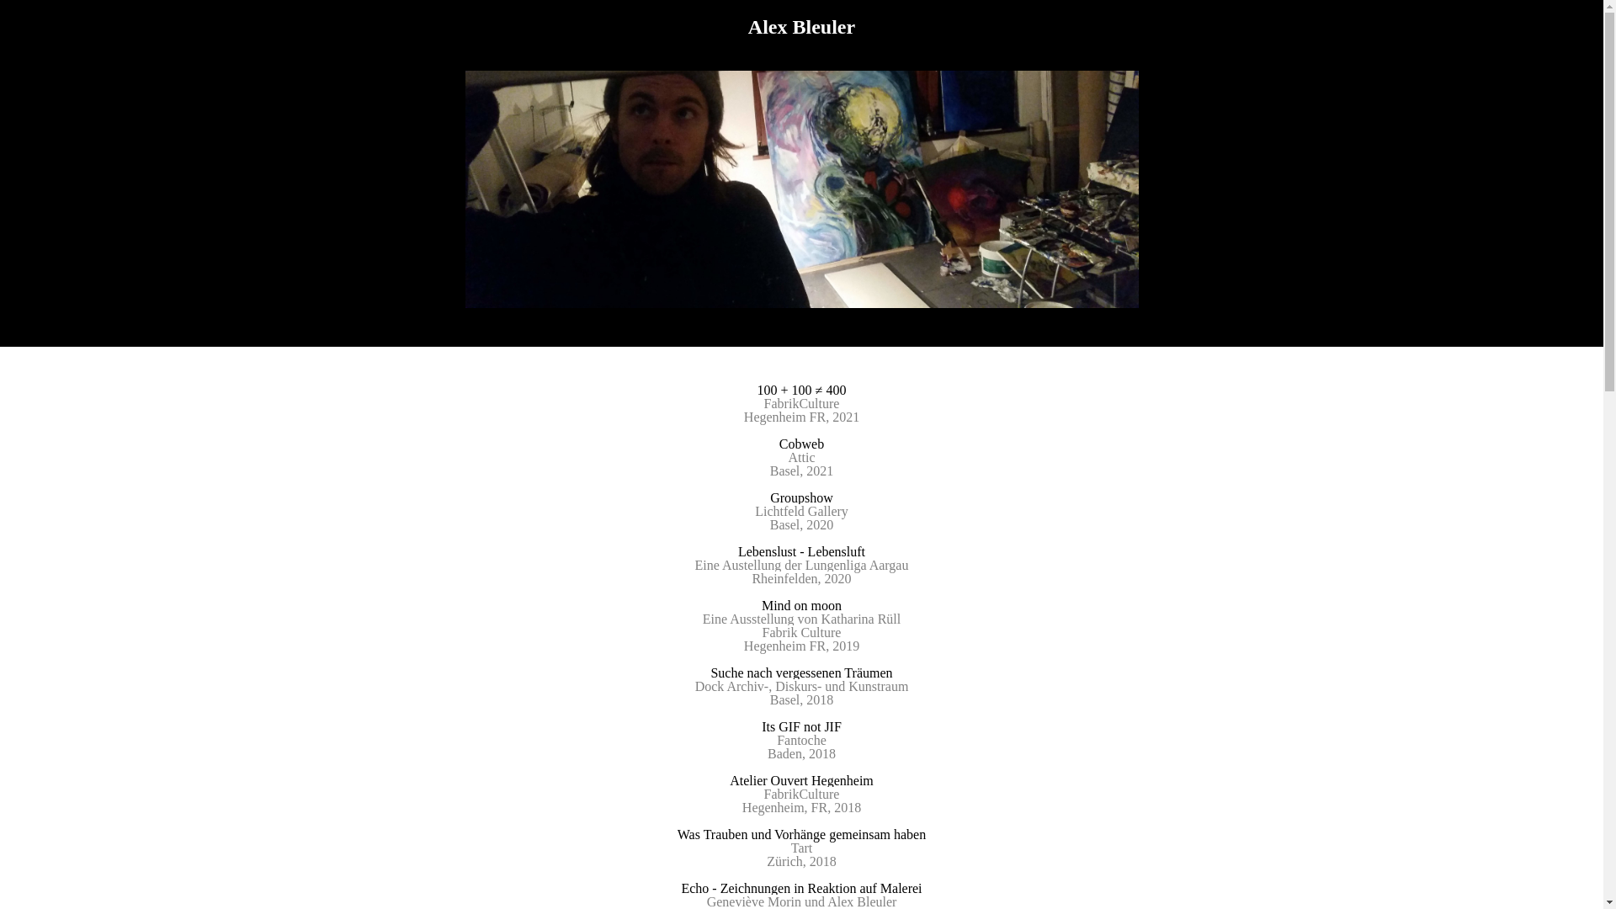 This screenshot has height=909, width=1616. Describe the element at coordinates (801, 686) in the screenshot. I see `'Dock Archiv-, Diskurs- und Kunstraum'` at that location.